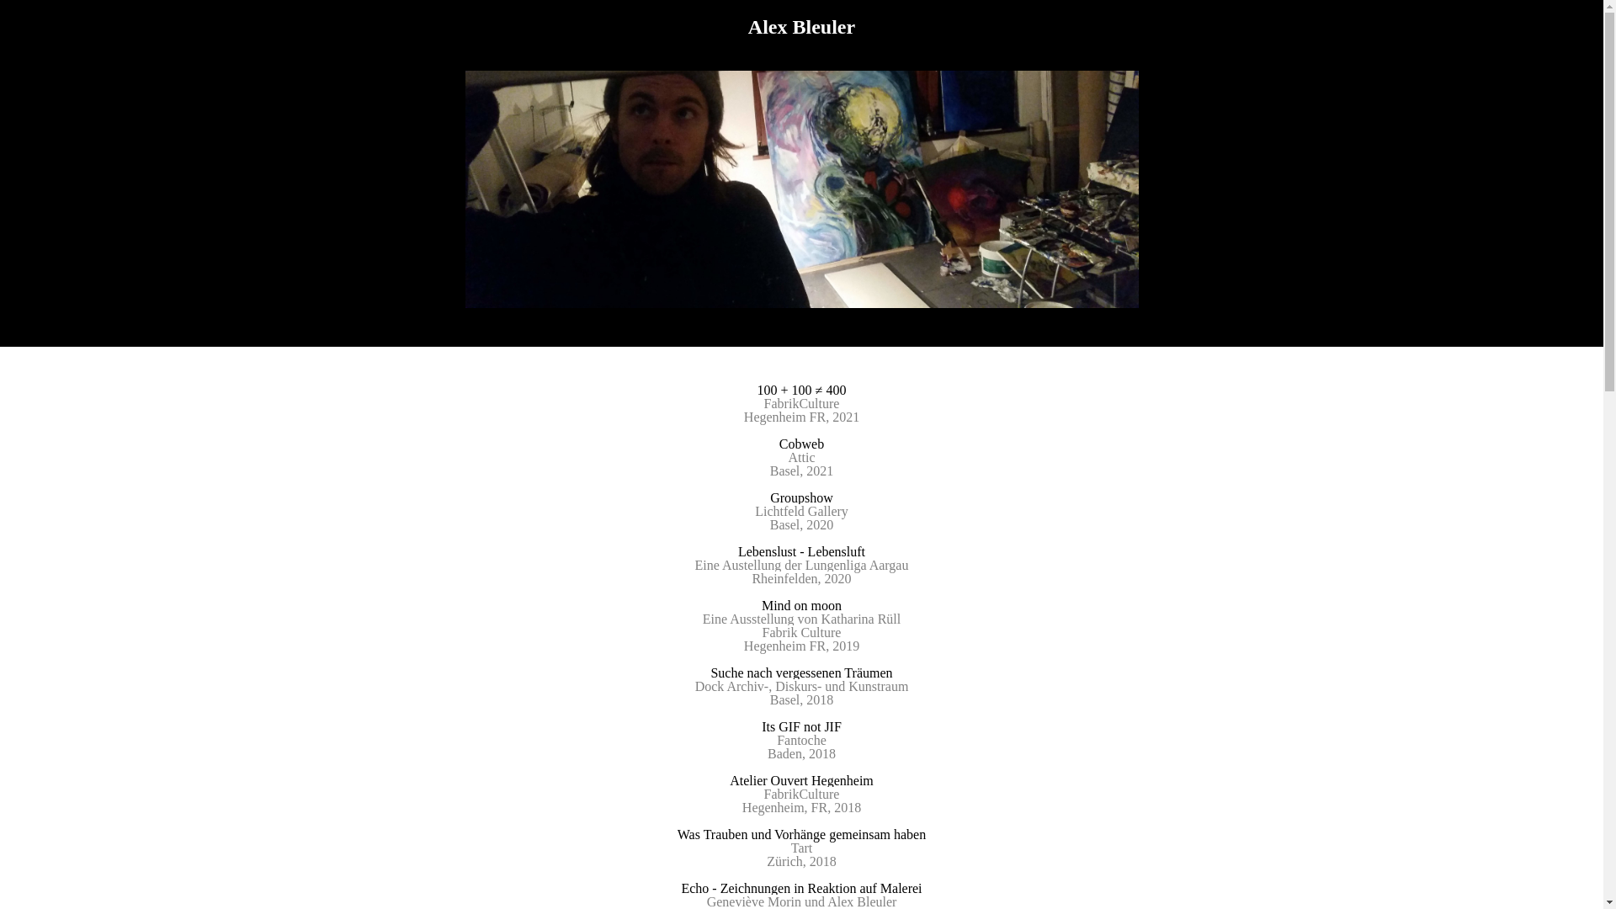 This screenshot has height=909, width=1616. Describe the element at coordinates (801, 686) in the screenshot. I see `'Dock Archiv-, Diskurs- und Kunstraum'` at that location.